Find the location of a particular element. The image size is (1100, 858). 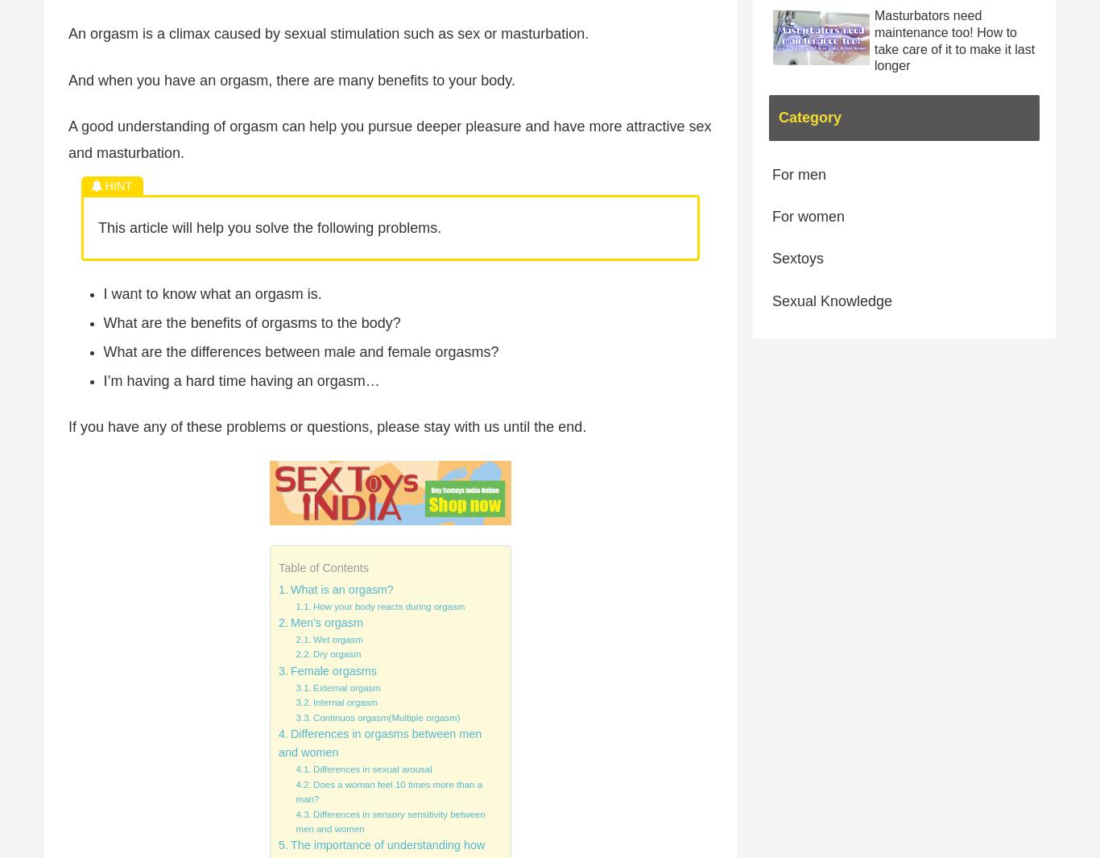

'If you have any of these problems or questions, please stay with us until the end.' is located at coordinates (326, 426).